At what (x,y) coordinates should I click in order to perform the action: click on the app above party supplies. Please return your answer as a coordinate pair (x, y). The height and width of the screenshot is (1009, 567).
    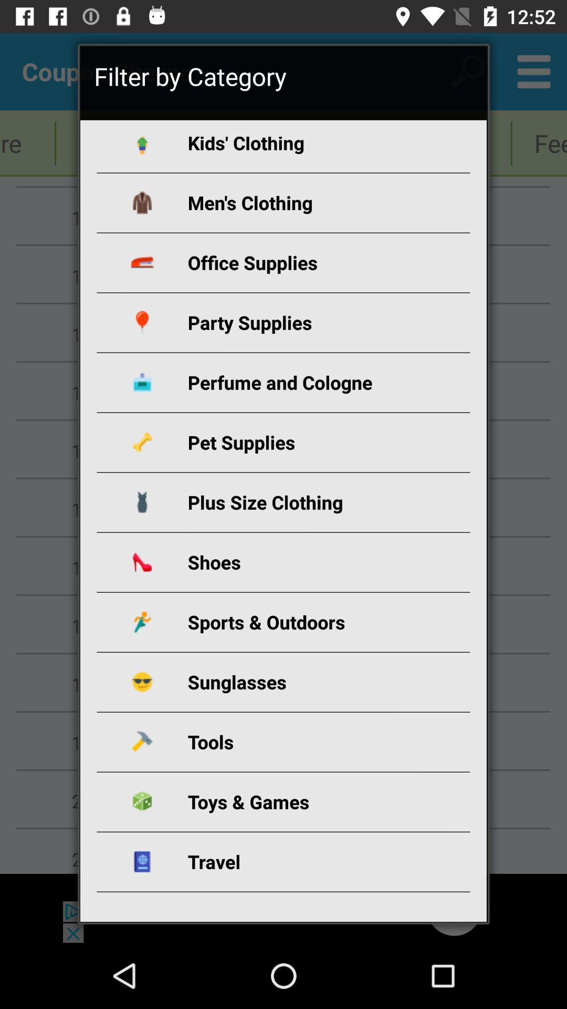
    Looking at the image, I should click on (296, 262).